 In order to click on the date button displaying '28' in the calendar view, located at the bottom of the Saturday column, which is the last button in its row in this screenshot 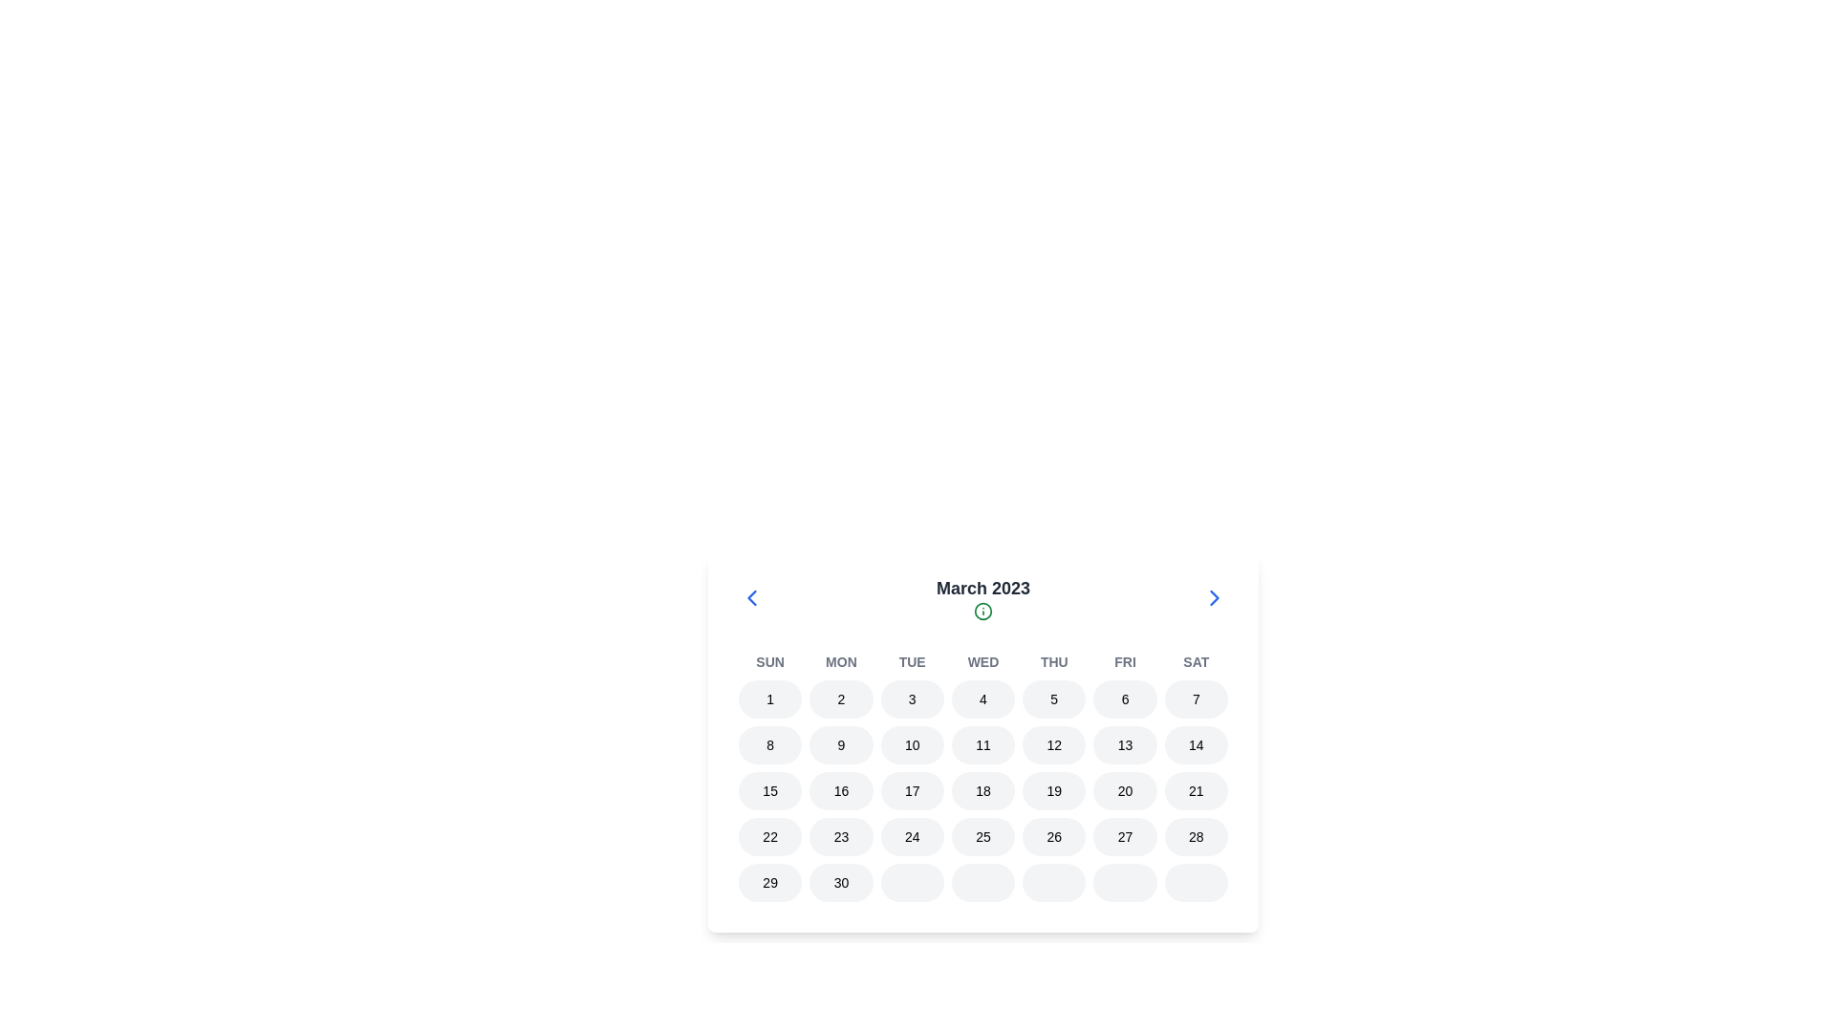, I will do `click(1195, 835)`.